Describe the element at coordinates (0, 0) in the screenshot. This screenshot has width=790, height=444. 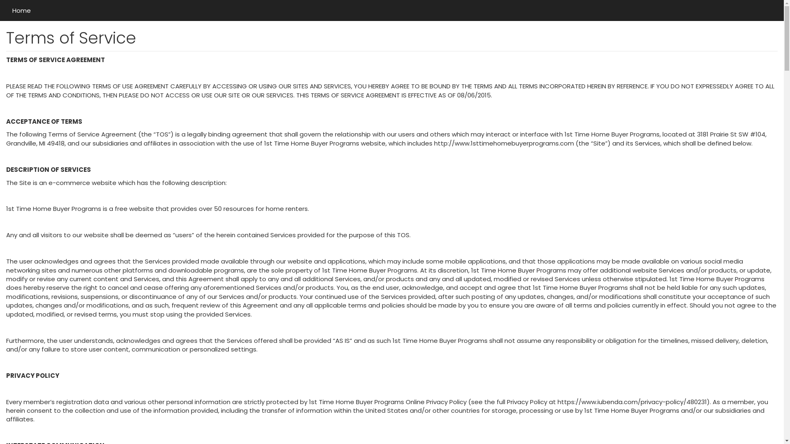
I see `'Skip to main content'` at that location.